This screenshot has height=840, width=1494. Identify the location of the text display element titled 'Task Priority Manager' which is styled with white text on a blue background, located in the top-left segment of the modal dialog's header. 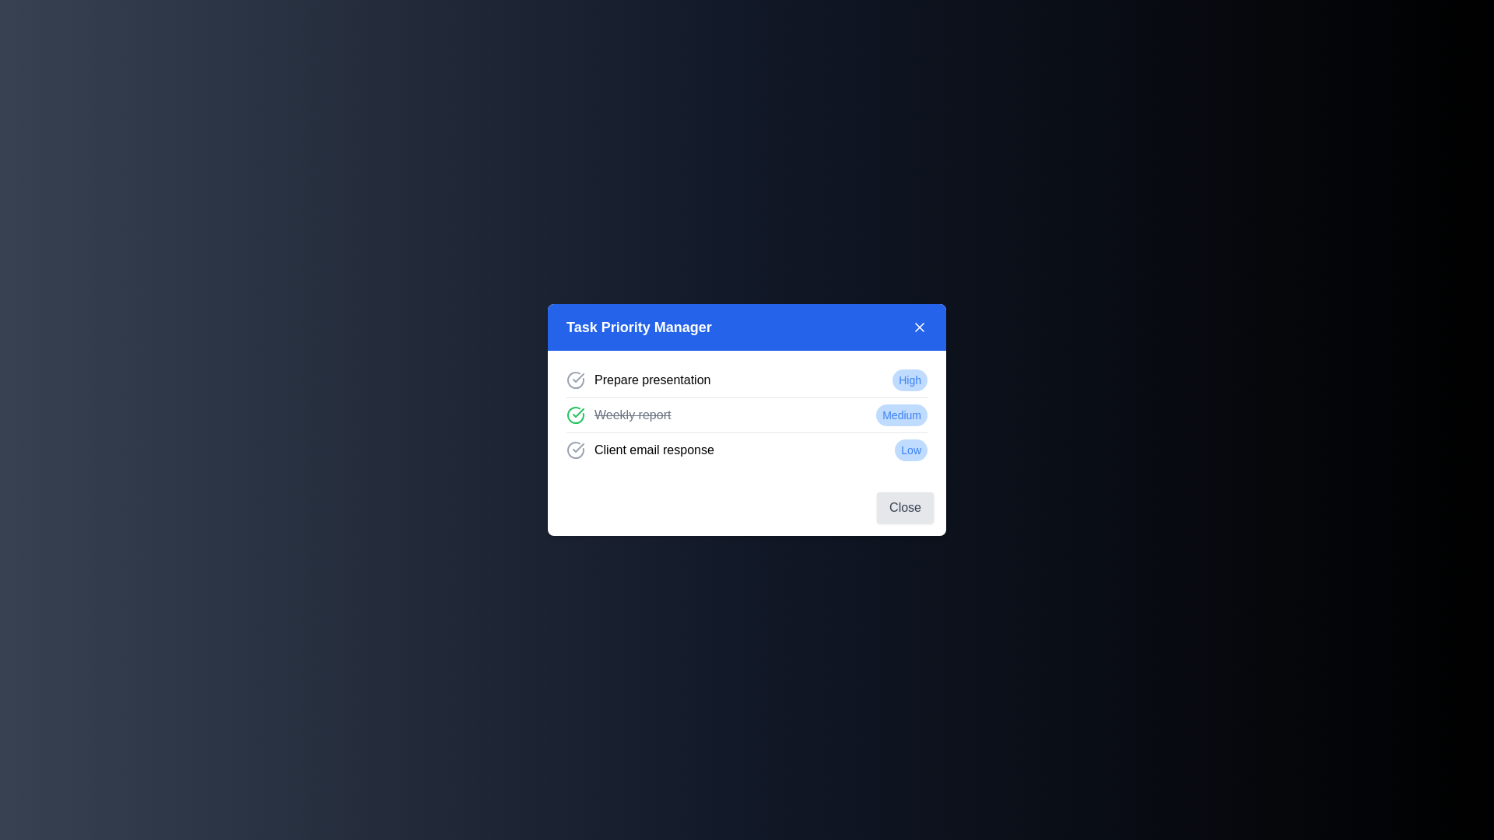
(639, 326).